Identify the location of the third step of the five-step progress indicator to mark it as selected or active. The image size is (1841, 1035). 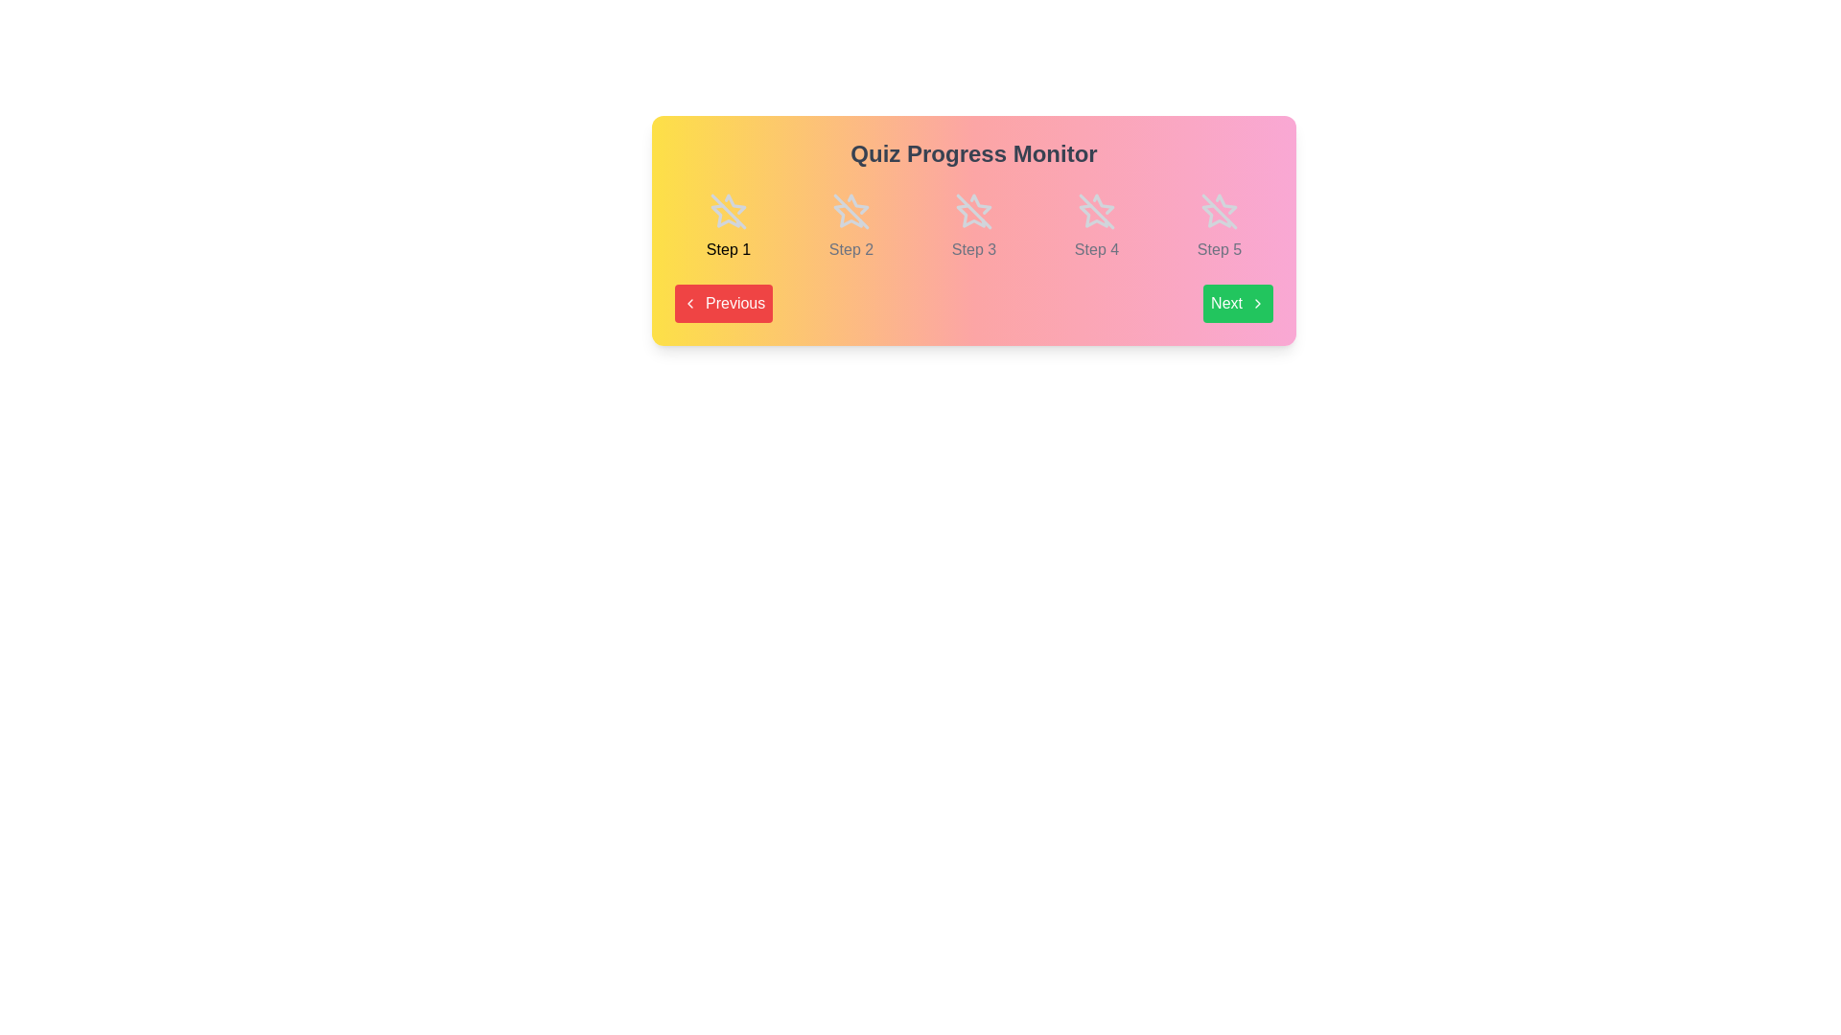
(974, 225).